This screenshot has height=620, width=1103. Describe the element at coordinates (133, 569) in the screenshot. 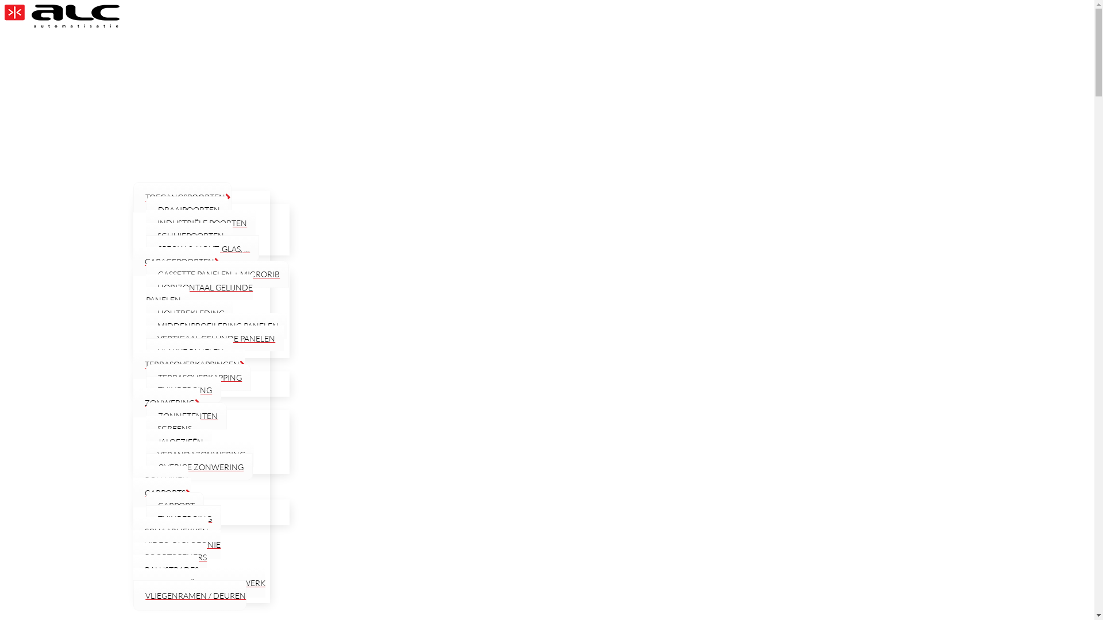

I see `'BALUSTRADES'` at that location.